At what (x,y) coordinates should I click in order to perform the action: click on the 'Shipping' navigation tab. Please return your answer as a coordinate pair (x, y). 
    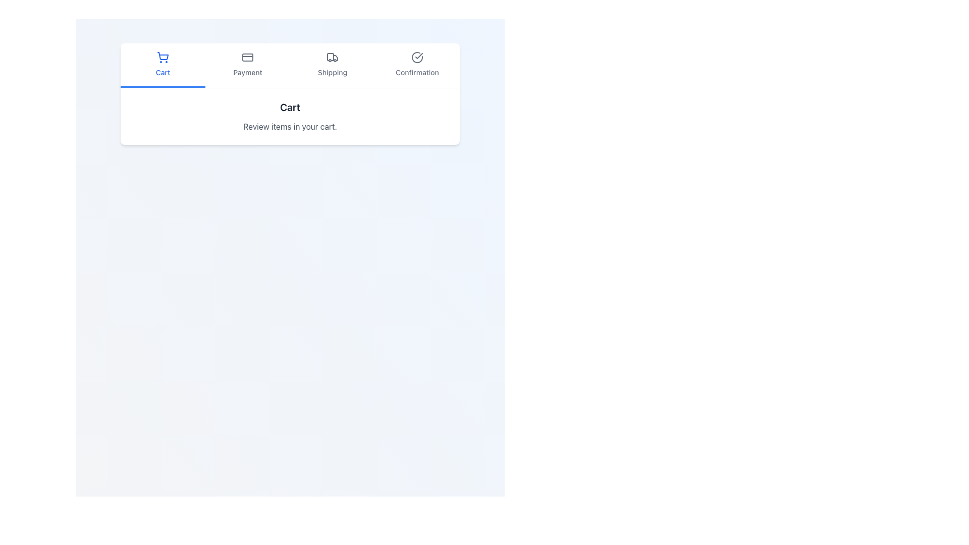
    Looking at the image, I should click on (332, 64).